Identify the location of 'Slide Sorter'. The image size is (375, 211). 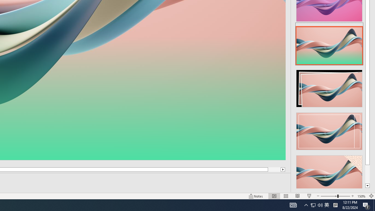
(286, 196).